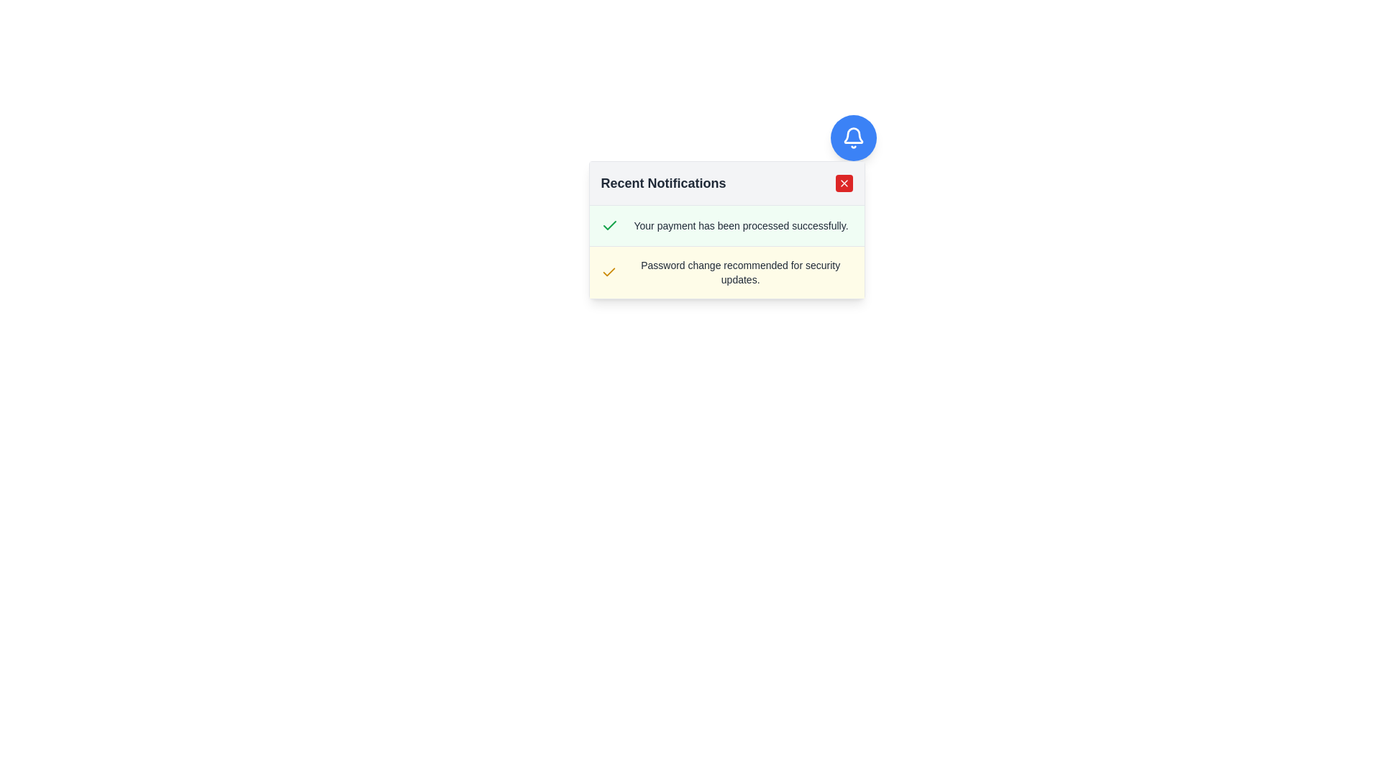 Image resolution: width=1381 pixels, height=777 pixels. I want to click on the Notification Icon, which is a bell icon in a linear style with a white outline on a blue circular background, so click(853, 138).